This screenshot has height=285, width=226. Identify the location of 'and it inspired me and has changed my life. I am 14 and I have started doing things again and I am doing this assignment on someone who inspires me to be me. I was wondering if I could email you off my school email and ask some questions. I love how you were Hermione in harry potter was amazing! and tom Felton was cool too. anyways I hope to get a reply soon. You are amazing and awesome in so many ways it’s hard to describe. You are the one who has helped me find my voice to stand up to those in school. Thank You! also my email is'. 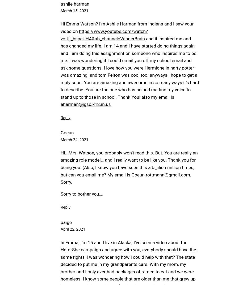
(129, 67).